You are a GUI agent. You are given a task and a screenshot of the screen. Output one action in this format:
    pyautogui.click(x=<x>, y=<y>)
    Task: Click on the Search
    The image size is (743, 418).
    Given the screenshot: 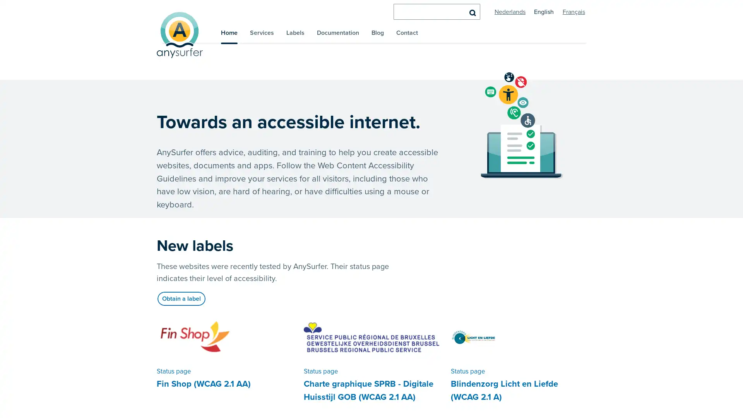 What is the action you would take?
    pyautogui.click(x=471, y=12)
    